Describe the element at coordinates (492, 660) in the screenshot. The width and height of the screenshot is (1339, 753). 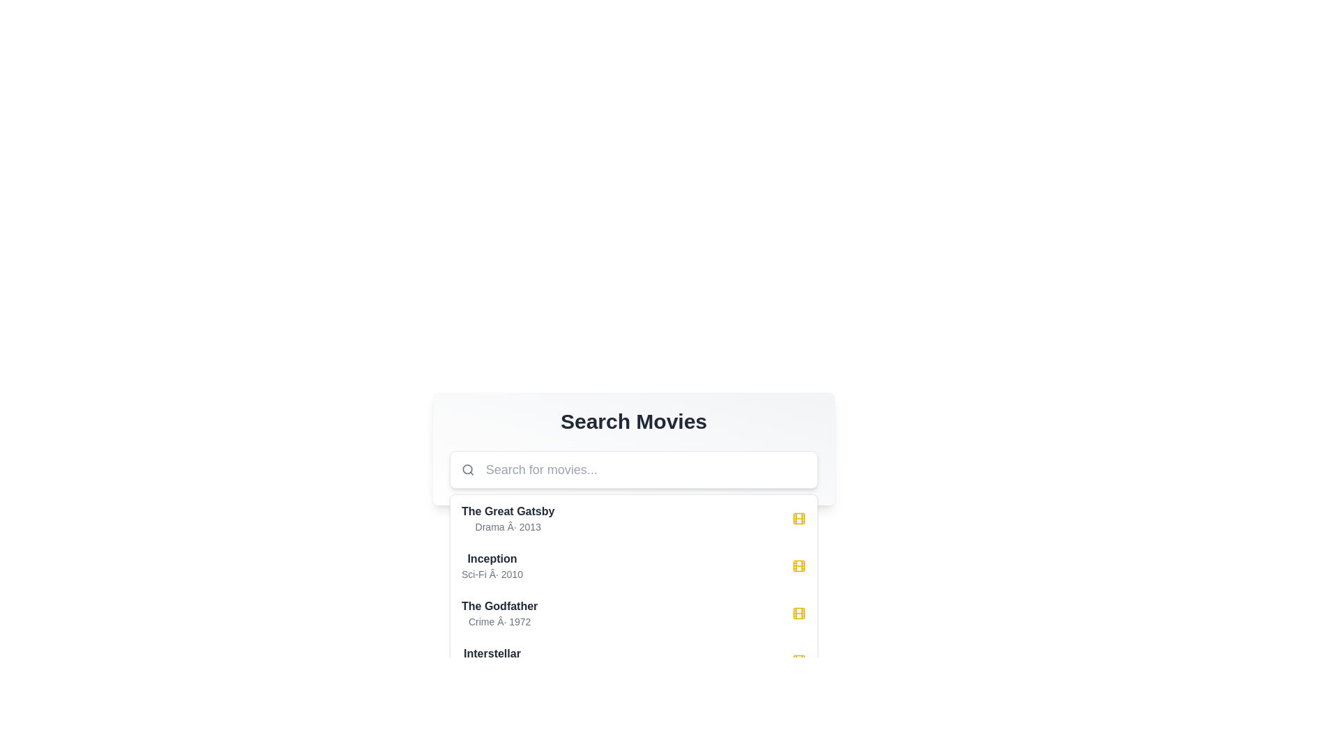
I see `the text label displaying 'Interstellar', which is styled in bold and positioned fourth in the movie list under 'Search Movies'` at that location.